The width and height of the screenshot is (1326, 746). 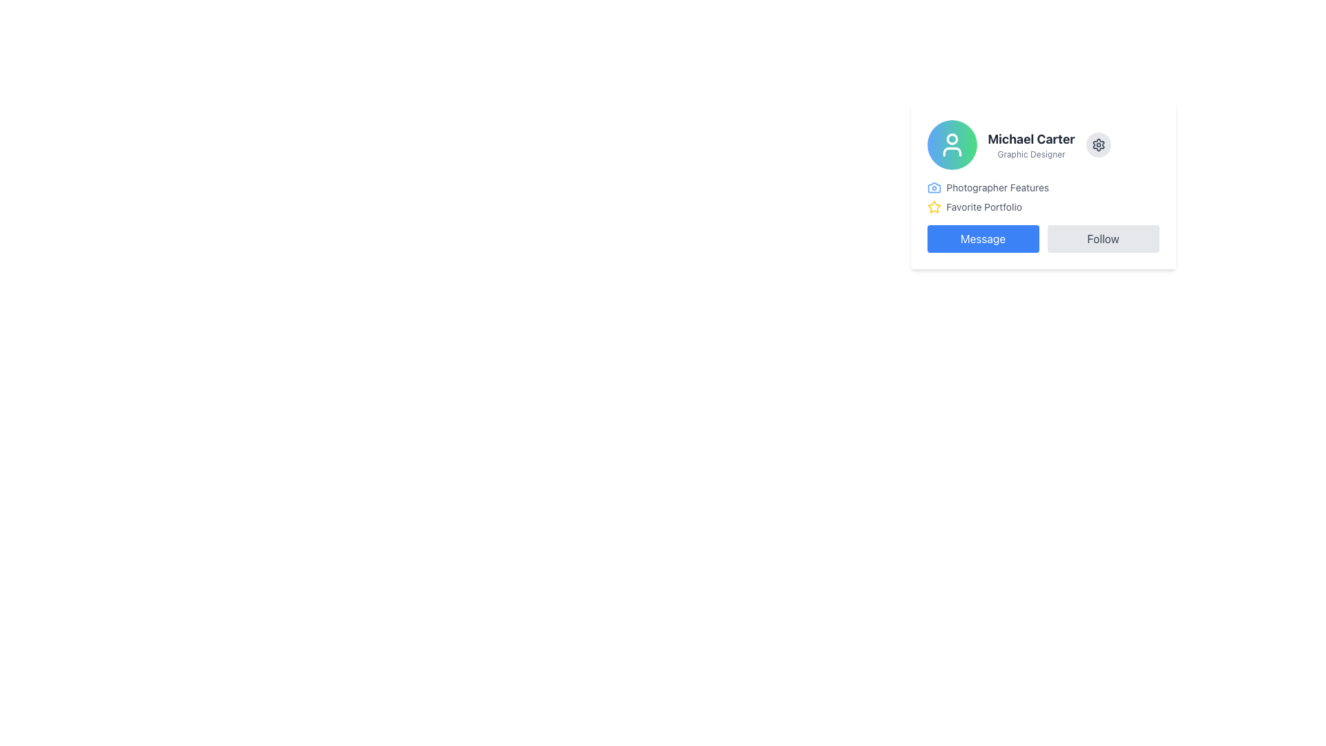 What do you see at coordinates (997, 188) in the screenshot?
I see `the 'Photographer Features' static text label, which is displayed in a small gray font and is located inside a card layout next to a blue camera icon` at bounding box center [997, 188].